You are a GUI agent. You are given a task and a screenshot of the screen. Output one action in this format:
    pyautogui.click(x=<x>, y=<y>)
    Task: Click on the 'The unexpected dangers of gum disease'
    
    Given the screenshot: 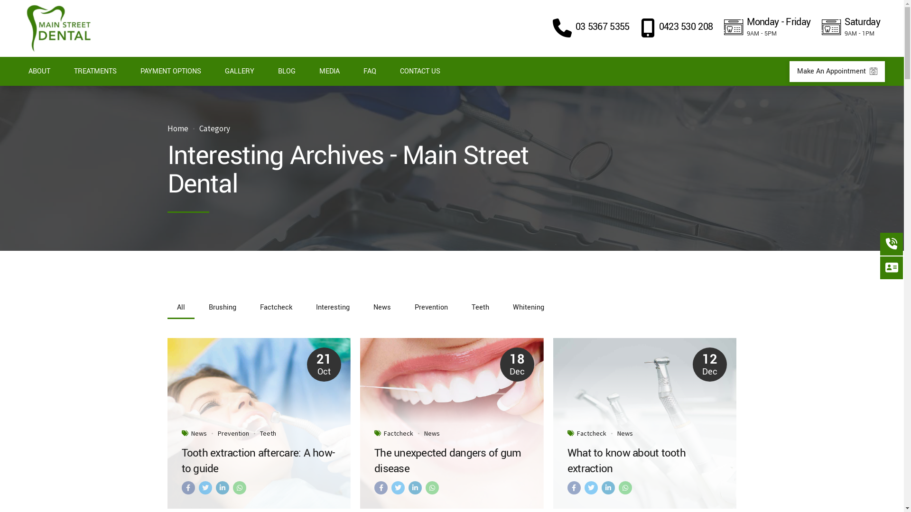 What is the action you would take?
    pyautogui.click(x=451, y=460)
    